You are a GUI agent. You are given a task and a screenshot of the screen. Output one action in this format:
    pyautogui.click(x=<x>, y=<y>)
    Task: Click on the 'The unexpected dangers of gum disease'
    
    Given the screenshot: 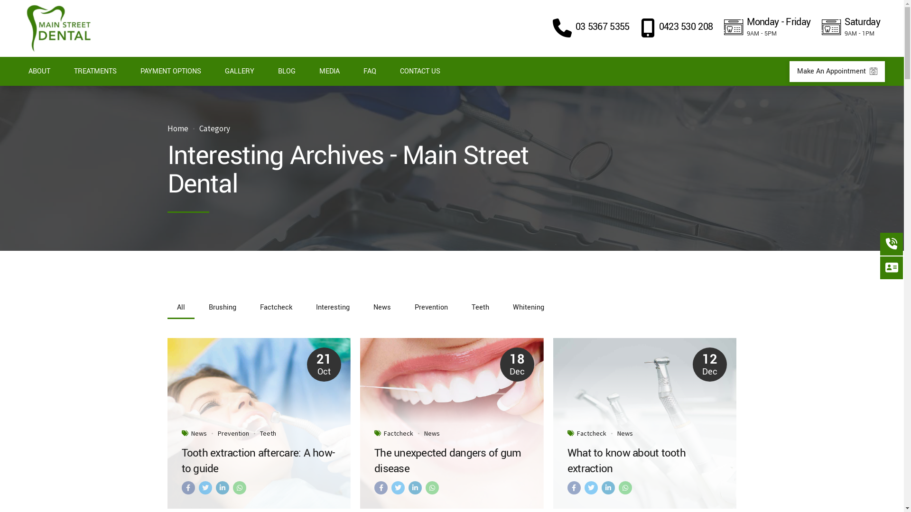 What is the action you would take?
    pyautogui.click(x=451, y=460)
    